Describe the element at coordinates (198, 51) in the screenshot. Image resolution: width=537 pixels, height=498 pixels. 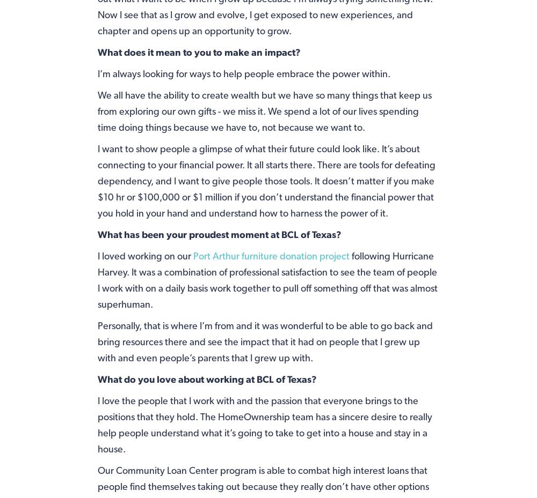
I see `'What does it mean to you to make an impact?'` at that location.